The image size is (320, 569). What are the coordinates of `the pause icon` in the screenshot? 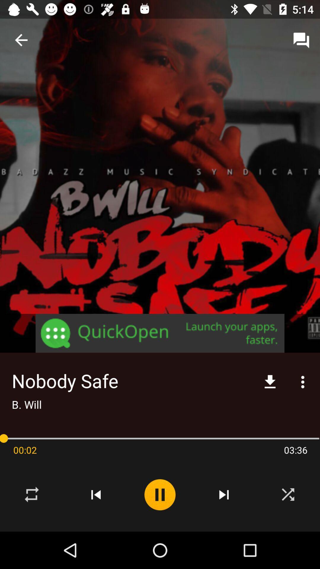 It's located at (160, 495).